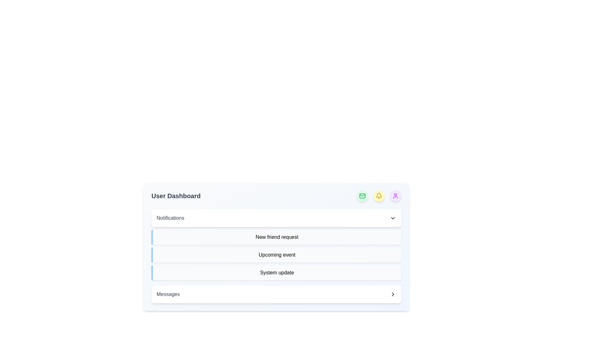 The height and width of the screenshot is (343, 611). Describe the element at coordinates (276, 237) in the screenshot. I see `the first notification entry related to a new friend request` at that location.